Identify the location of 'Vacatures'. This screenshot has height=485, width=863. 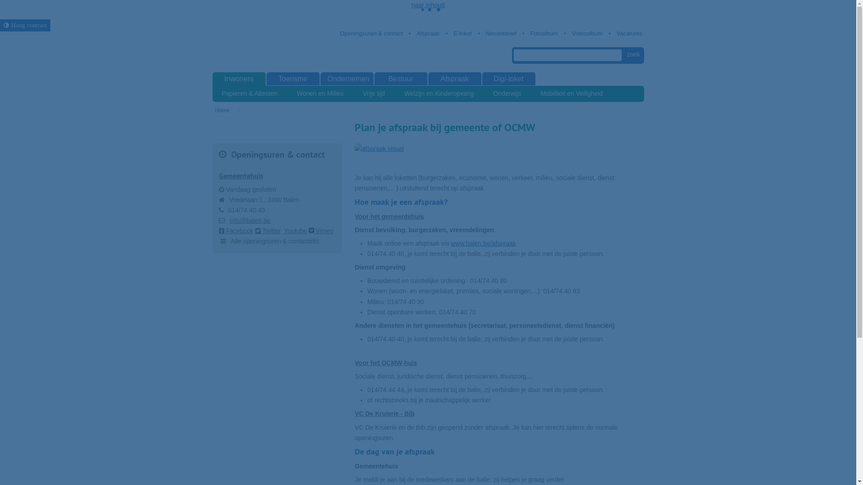
(625, 33).